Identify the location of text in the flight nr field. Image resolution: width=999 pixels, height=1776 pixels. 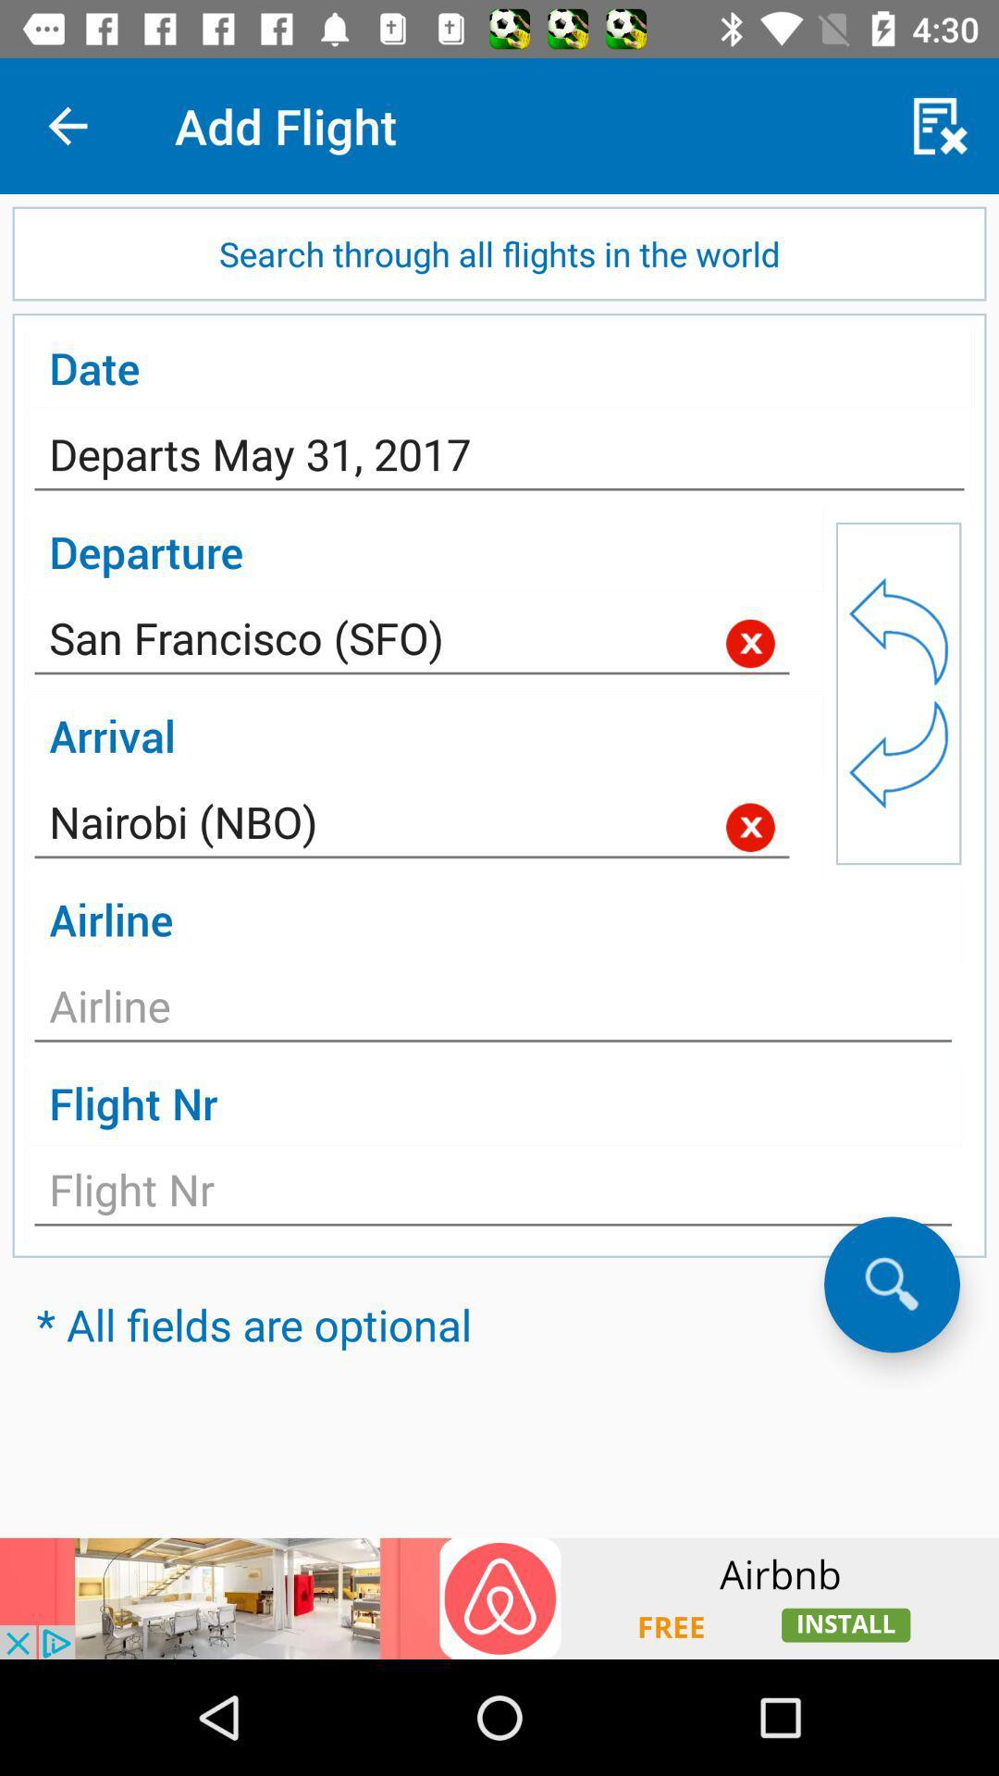
(492, 1195).